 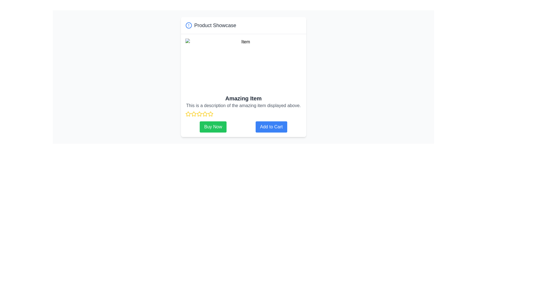 What do you see at coordinates (243, 98) in the screenshot?
I see `the text label that displays 'Amazing Item.' which is styled with a bold font and is centrally aligned in the UI` at bounding box center [243, 98].